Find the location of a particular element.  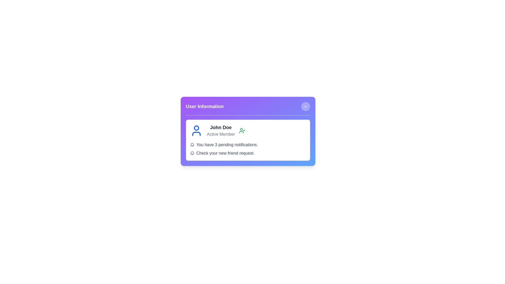

the membership status icon indicating that John Doe is an active member is located at coordinates (242, 130).